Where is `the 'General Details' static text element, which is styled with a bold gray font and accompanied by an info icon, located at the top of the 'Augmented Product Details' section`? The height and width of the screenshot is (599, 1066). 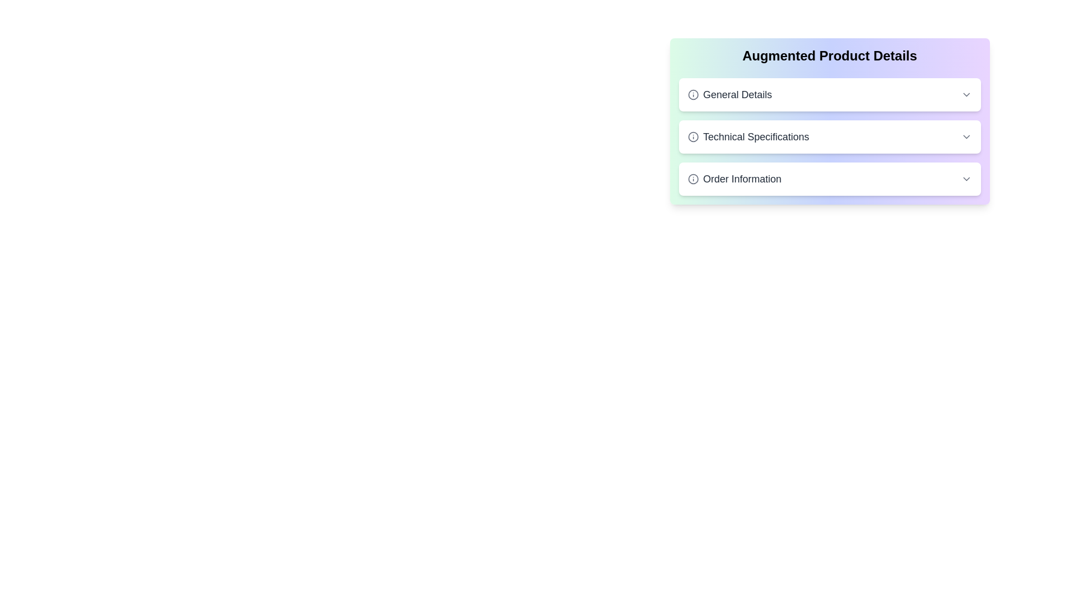 the 'General Details' static text element, which is styled with a bold gray font and accompanied by an info icon, located at the top of the 'Augmented Product Details' section is located at coordinates (730, 94).